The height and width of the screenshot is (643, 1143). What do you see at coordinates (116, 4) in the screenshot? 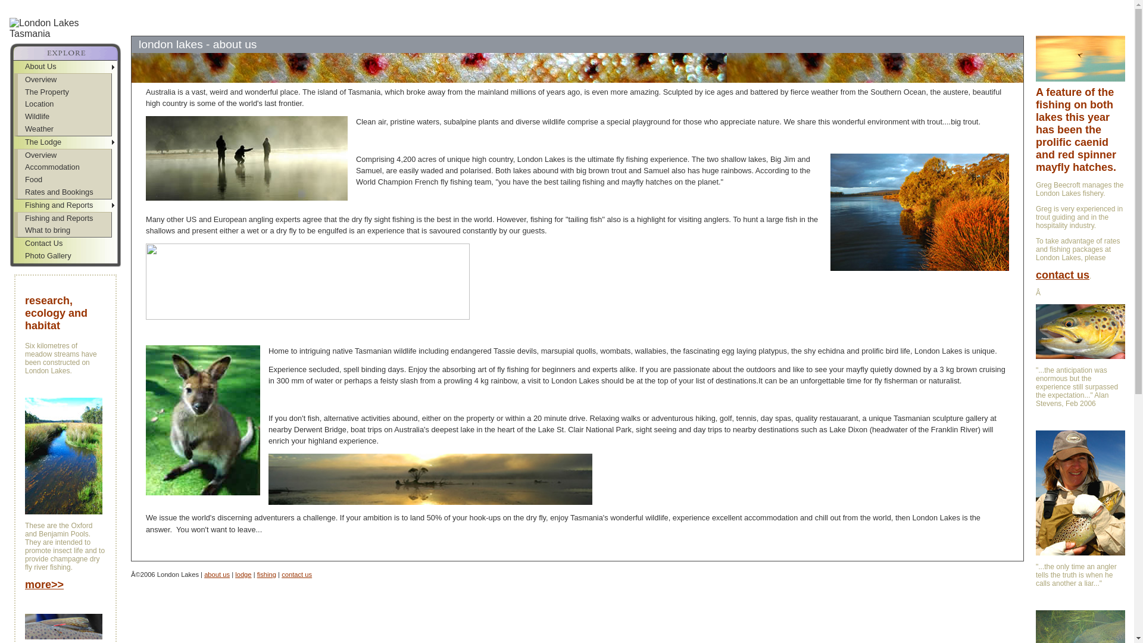
I see `'Jump to Sidebar'` at bounding box center [116, 4].